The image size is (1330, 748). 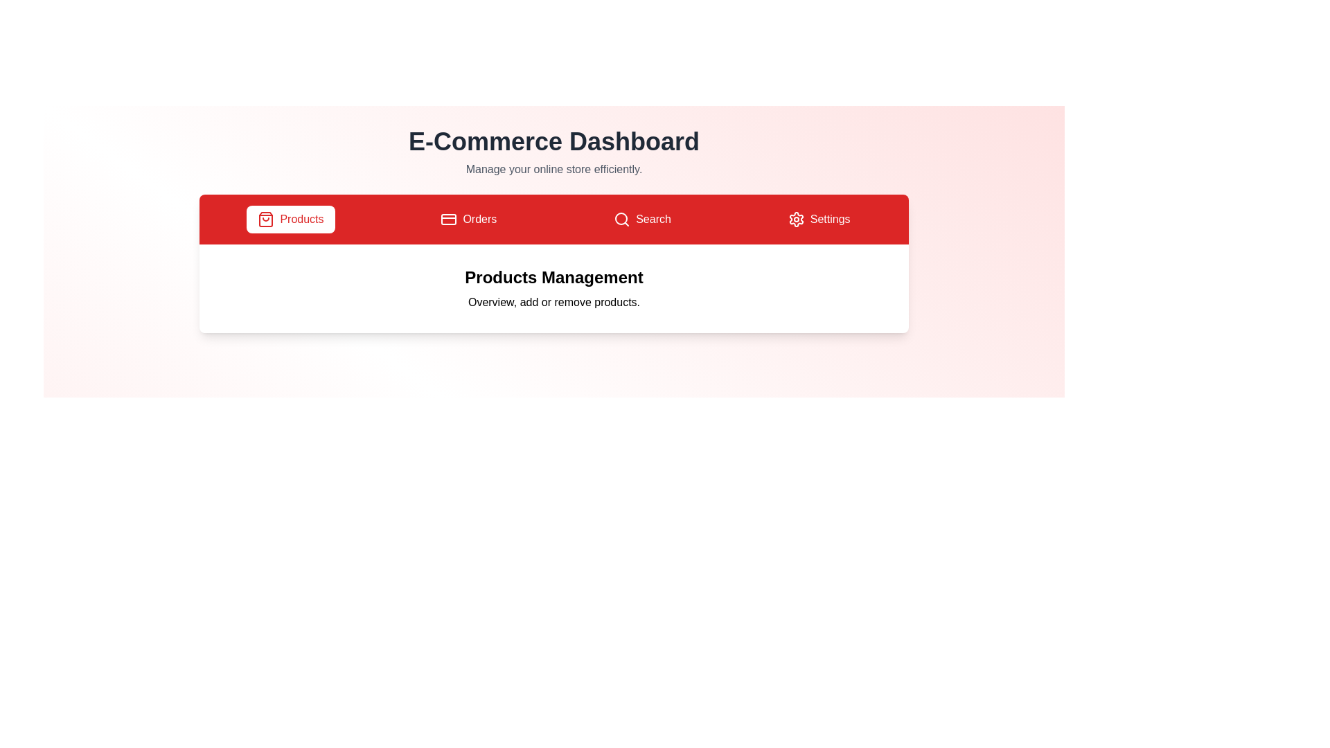 What do you see at coordinates (621, 218) in the screenshot?
I see `the magnifying glass icon within the search button in the navigation bar` at bounding box center [621, 218].